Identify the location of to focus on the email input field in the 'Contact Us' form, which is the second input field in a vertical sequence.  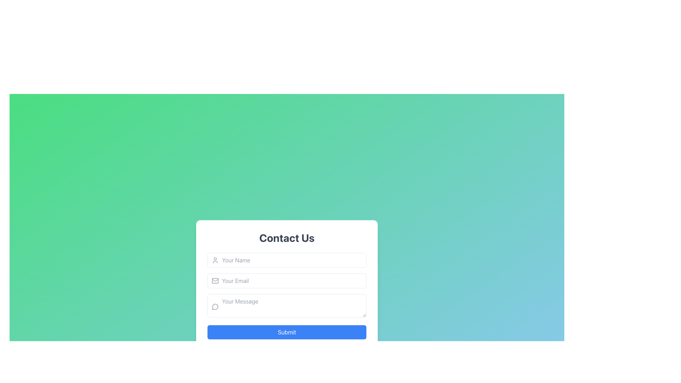
(287, 285).